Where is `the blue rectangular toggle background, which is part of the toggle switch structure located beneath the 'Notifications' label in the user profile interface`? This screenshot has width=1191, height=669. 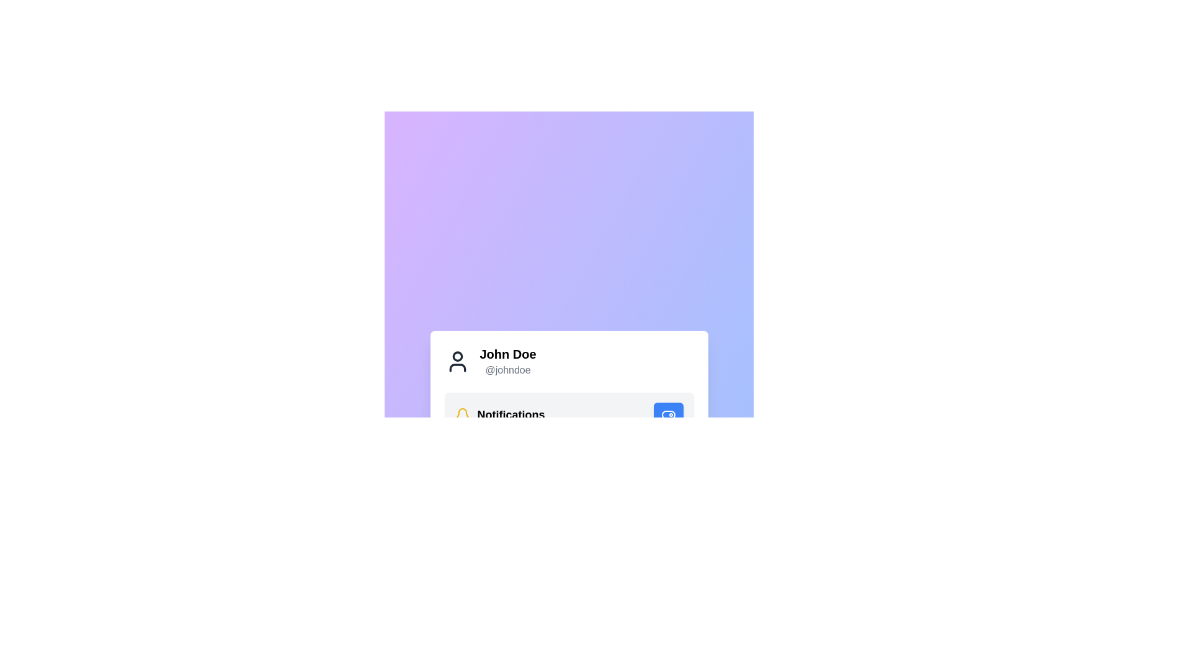 the blue rectangular toggle background, which is part of the toggle switch structure located beneath the 'Notifications' label in the user profile interface is located at coordinates (667, 415).